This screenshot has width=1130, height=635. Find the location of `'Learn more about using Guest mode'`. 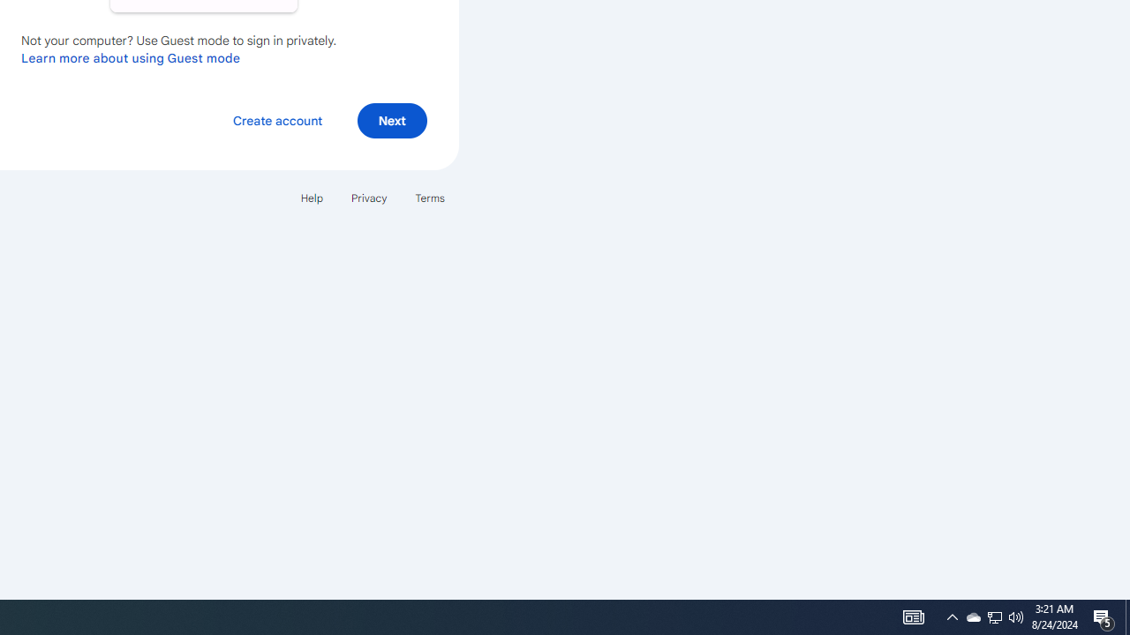

'Learn more about using Guest mode' is located at coordinates (130, 56).